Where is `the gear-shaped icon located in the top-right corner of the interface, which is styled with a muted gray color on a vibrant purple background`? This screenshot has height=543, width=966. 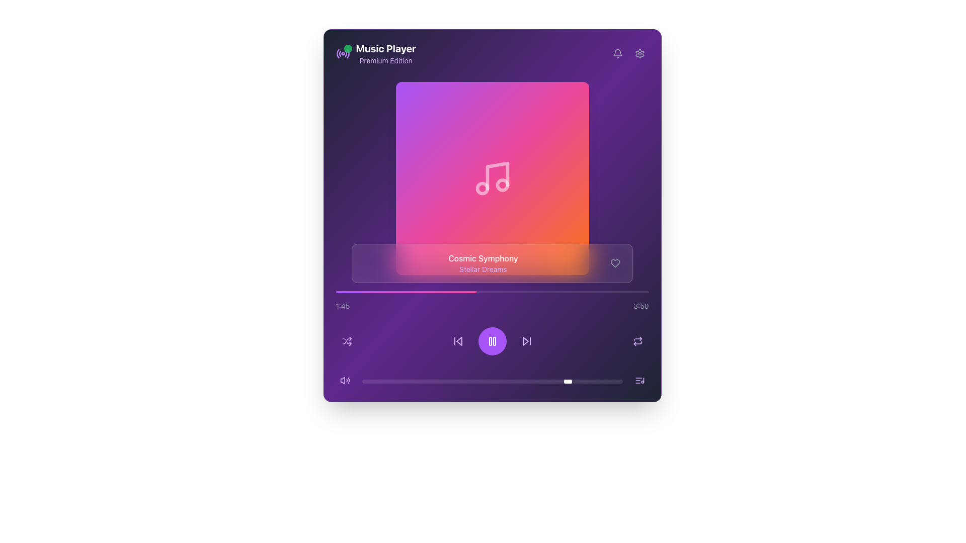 the gear-shaped icon located in the top-right corner of the interface, which is styled with a muted gray color on a vibrant purple background is located at coordinates (639, 54).